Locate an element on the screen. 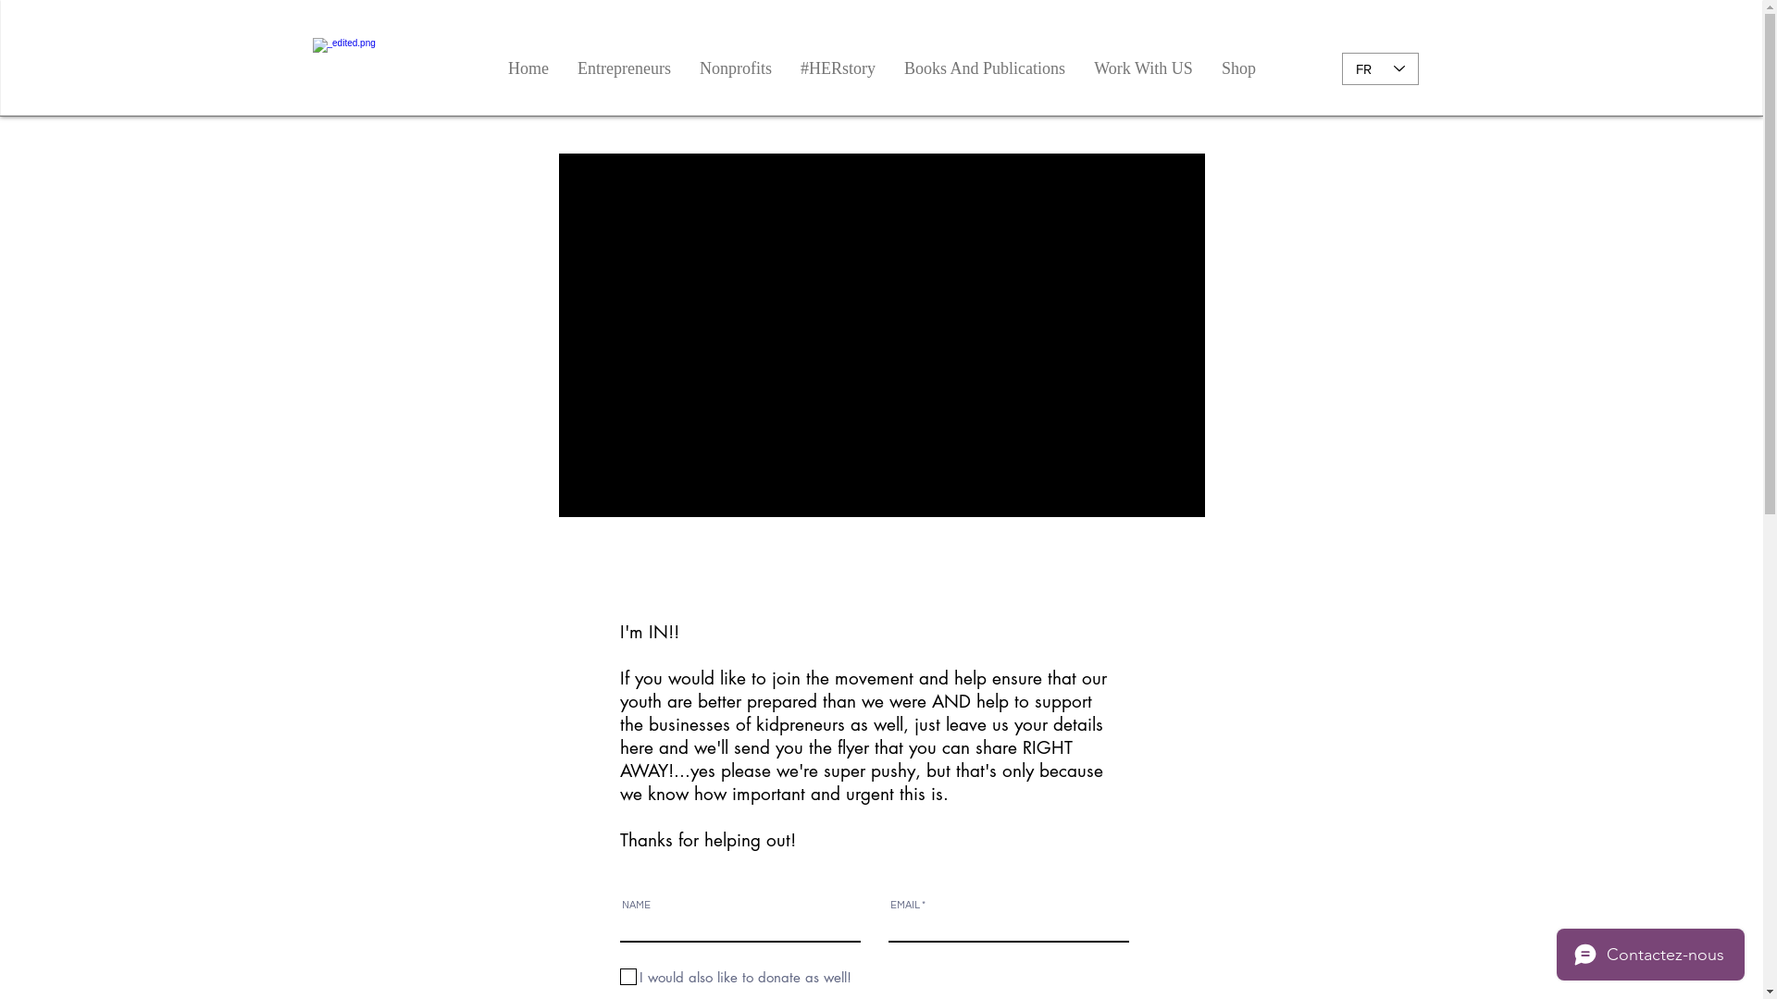 The height and width of the screenshot is (999, 1777). 'Work With US' is located at coordinates (1141, 68).